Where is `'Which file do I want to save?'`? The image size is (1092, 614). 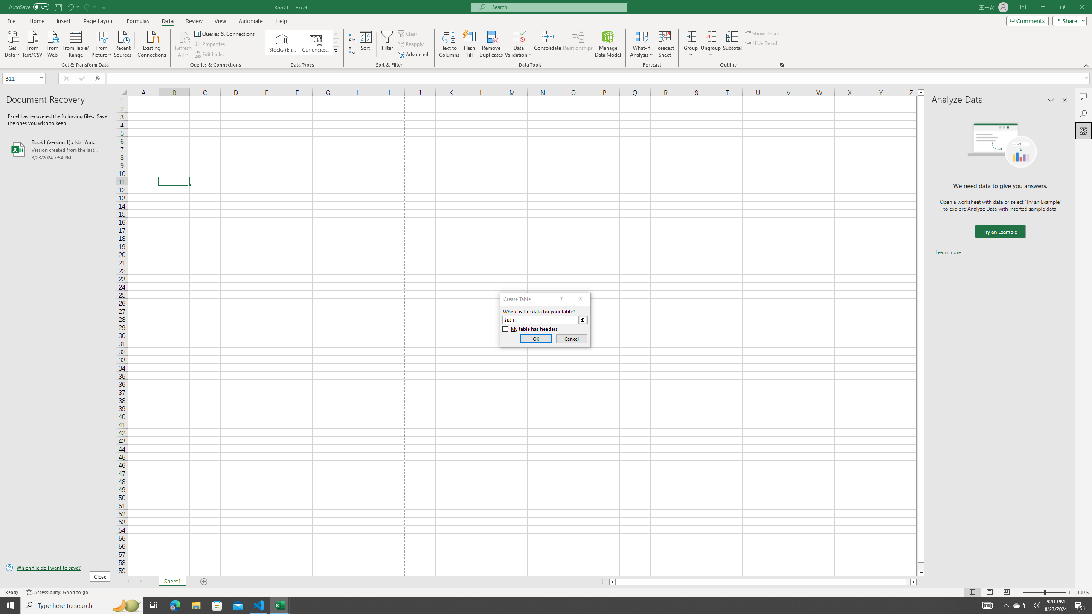 'Which file do I want to save?' is located at coordinates (57, 568).